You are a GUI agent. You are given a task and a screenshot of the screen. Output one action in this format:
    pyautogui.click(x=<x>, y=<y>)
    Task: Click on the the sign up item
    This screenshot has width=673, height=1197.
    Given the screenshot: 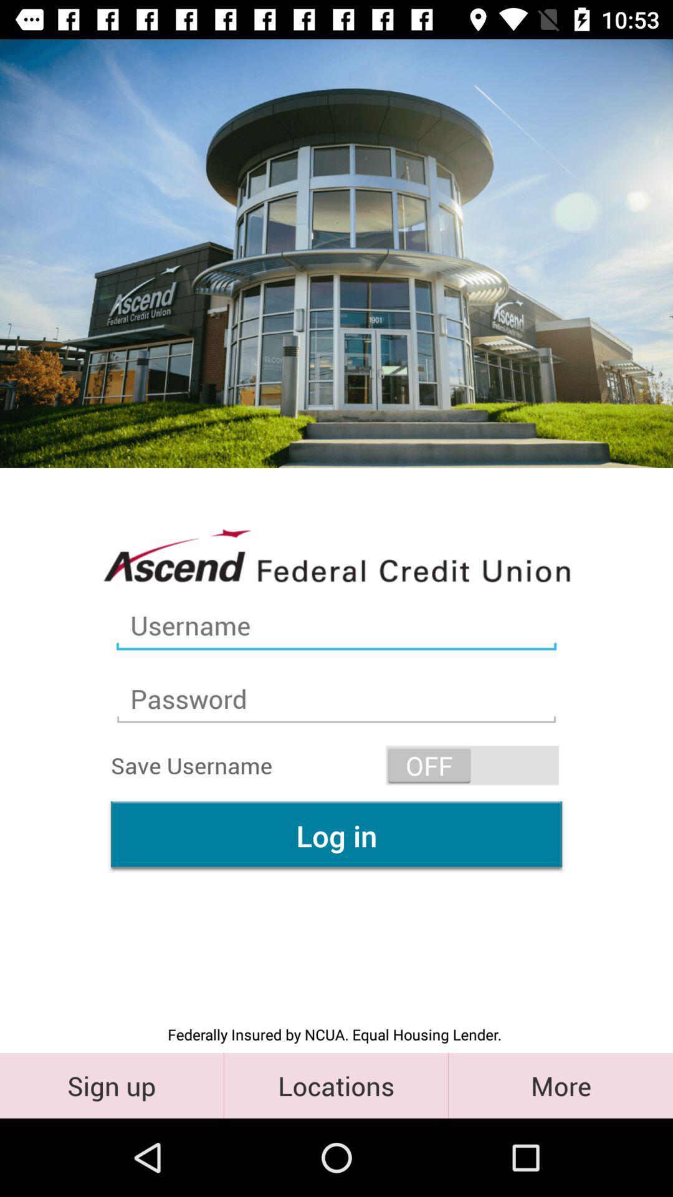 What is the action you would take?
    pyautogui.click(x=111, y=1085)
    